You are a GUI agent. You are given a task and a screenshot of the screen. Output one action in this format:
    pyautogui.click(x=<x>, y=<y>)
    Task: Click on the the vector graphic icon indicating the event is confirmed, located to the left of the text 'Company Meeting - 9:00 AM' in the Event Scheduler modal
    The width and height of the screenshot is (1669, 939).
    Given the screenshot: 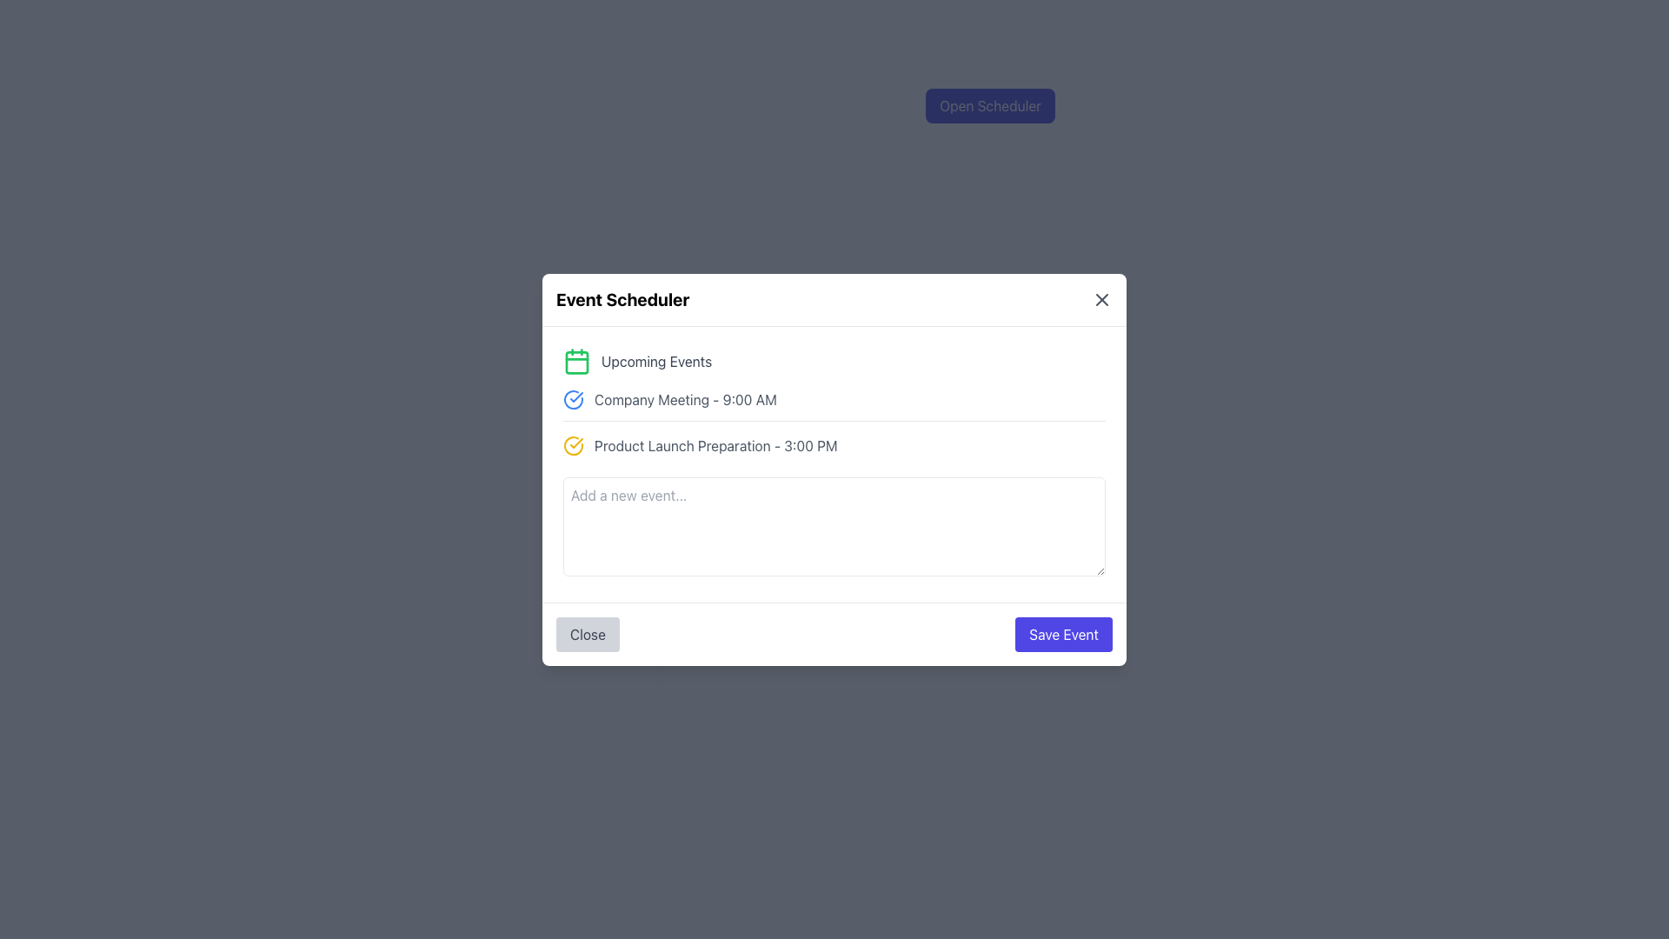 What is the action you would take?
    pyautogui.click(x=576, y=442)
    